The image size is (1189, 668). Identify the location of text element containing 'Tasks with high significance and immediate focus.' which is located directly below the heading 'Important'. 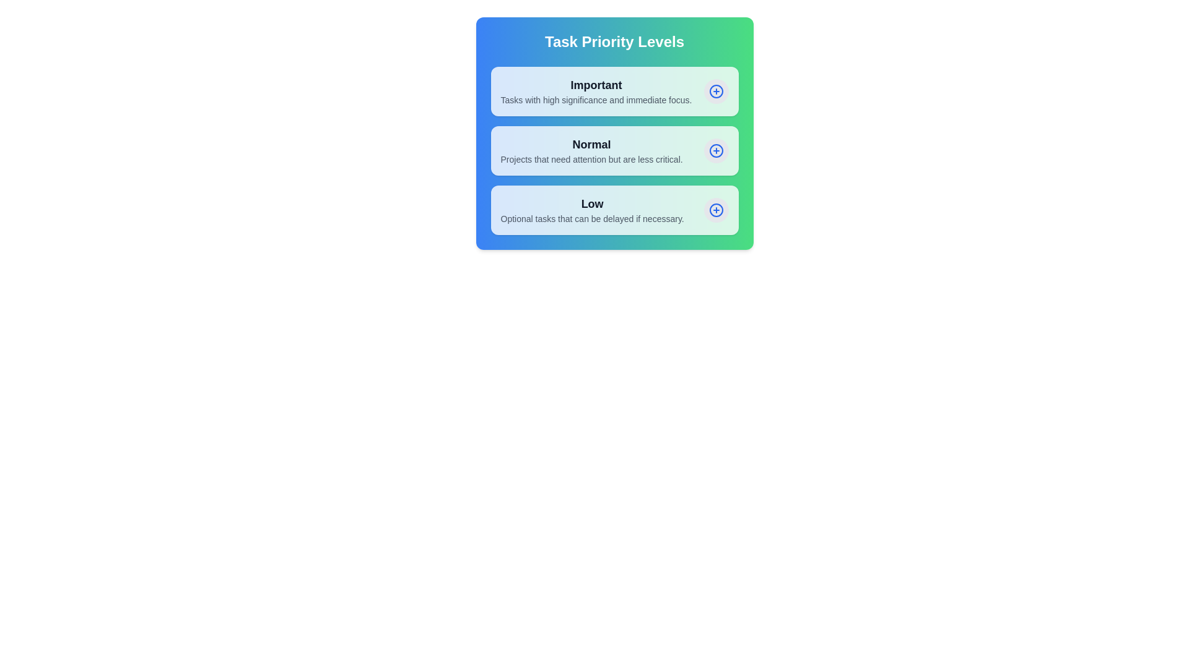
(596, 100).